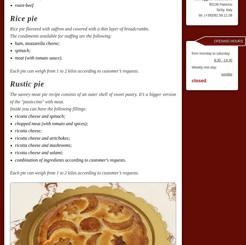  What do you see at coordinates (221, 4) in the screenshot?
I see `'90139 Palermo'` at bounding box center [221, 4].